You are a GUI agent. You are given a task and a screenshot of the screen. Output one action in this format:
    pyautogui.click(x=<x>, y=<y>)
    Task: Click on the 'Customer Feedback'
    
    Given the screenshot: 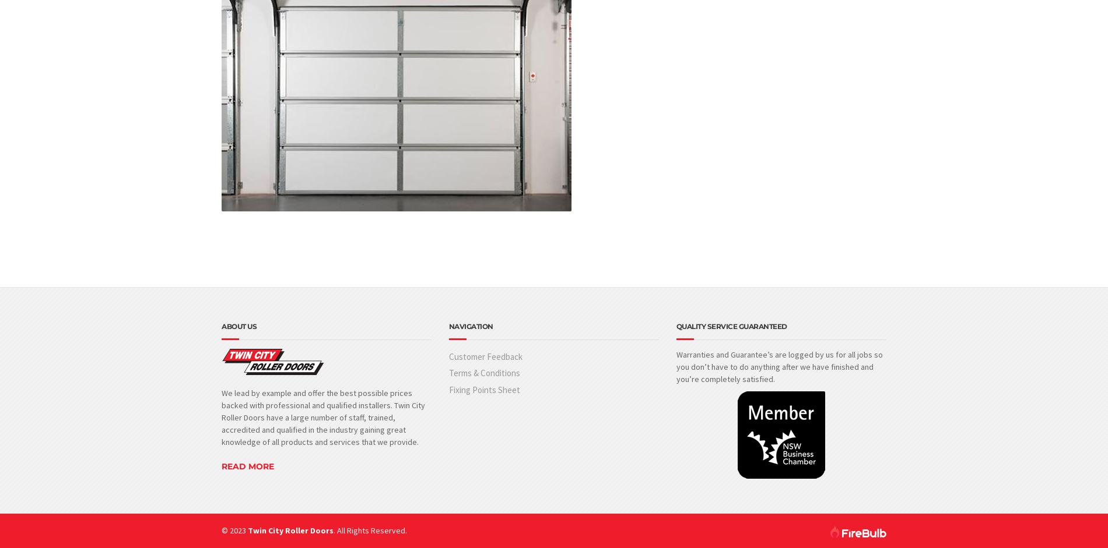 What is the action you would take?
    pyautogui.click(x=485, y=356)
    